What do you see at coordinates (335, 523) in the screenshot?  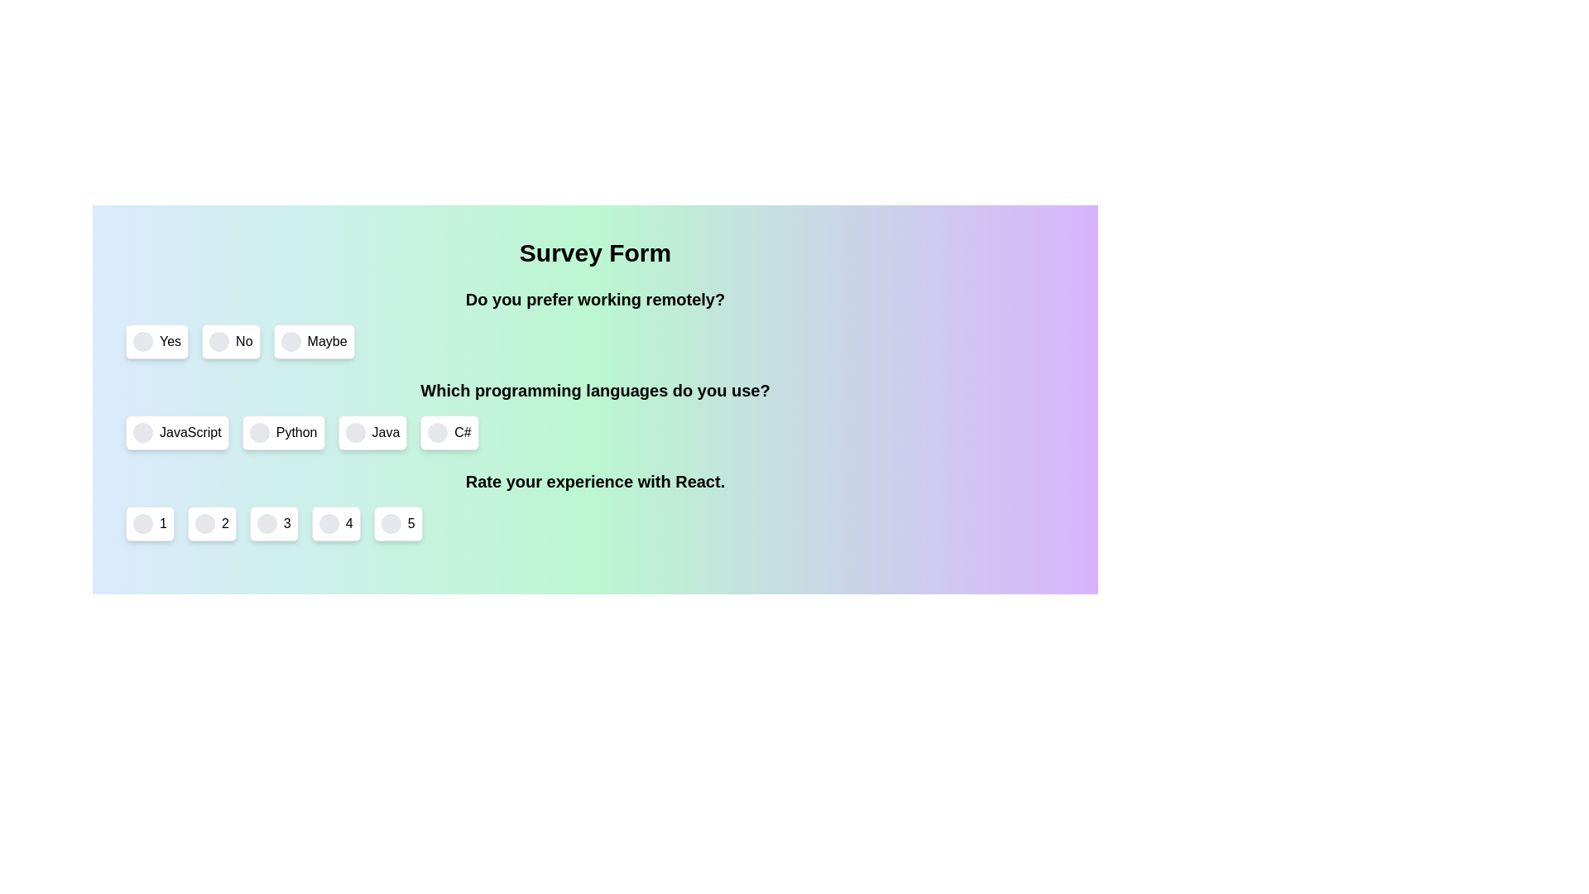 I see `the radio button labeled '4' in the 'Rate your experience with React' section, which is the fourth option in a series of five radio buttons` at bounding box center [335, 523].